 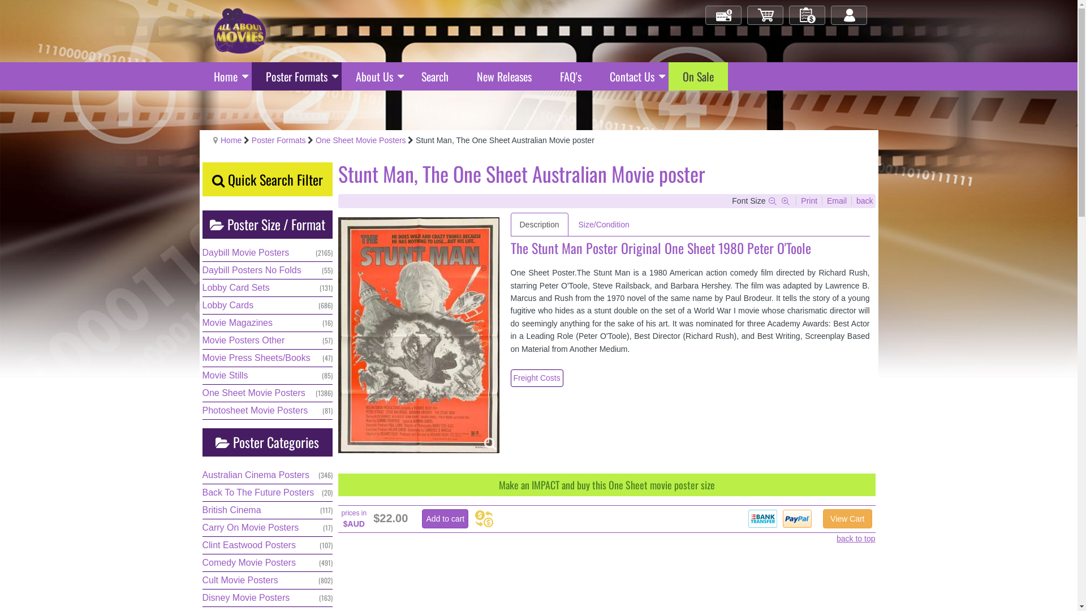 What do you see at coordinates (536, 378) in the screenshot?
I see `'Freight Costs'` at bounding box center [536, 378].